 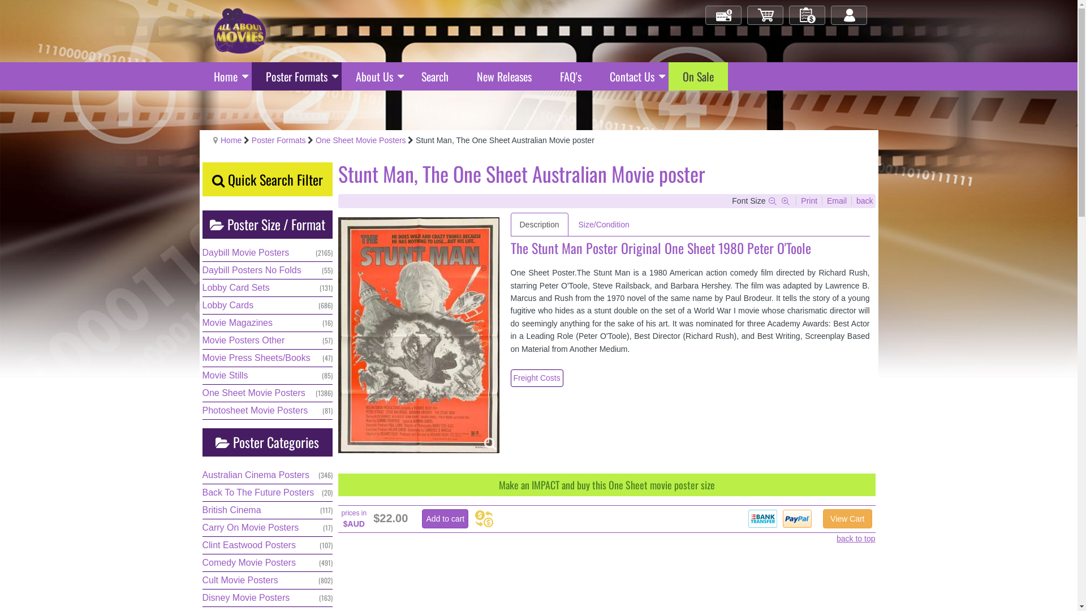 What do you see at coordinates (536, 378) in the screenshot?
I see `'Freight Costs'` at bounding box center [536, 378].